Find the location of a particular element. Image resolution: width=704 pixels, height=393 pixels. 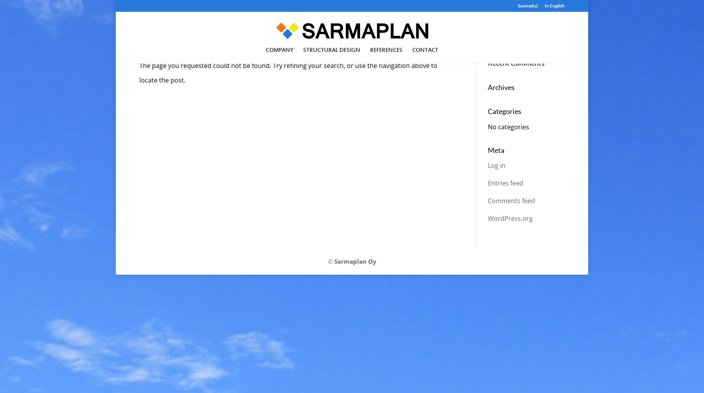

'No Results Found' is located at coordinates (188, 38).